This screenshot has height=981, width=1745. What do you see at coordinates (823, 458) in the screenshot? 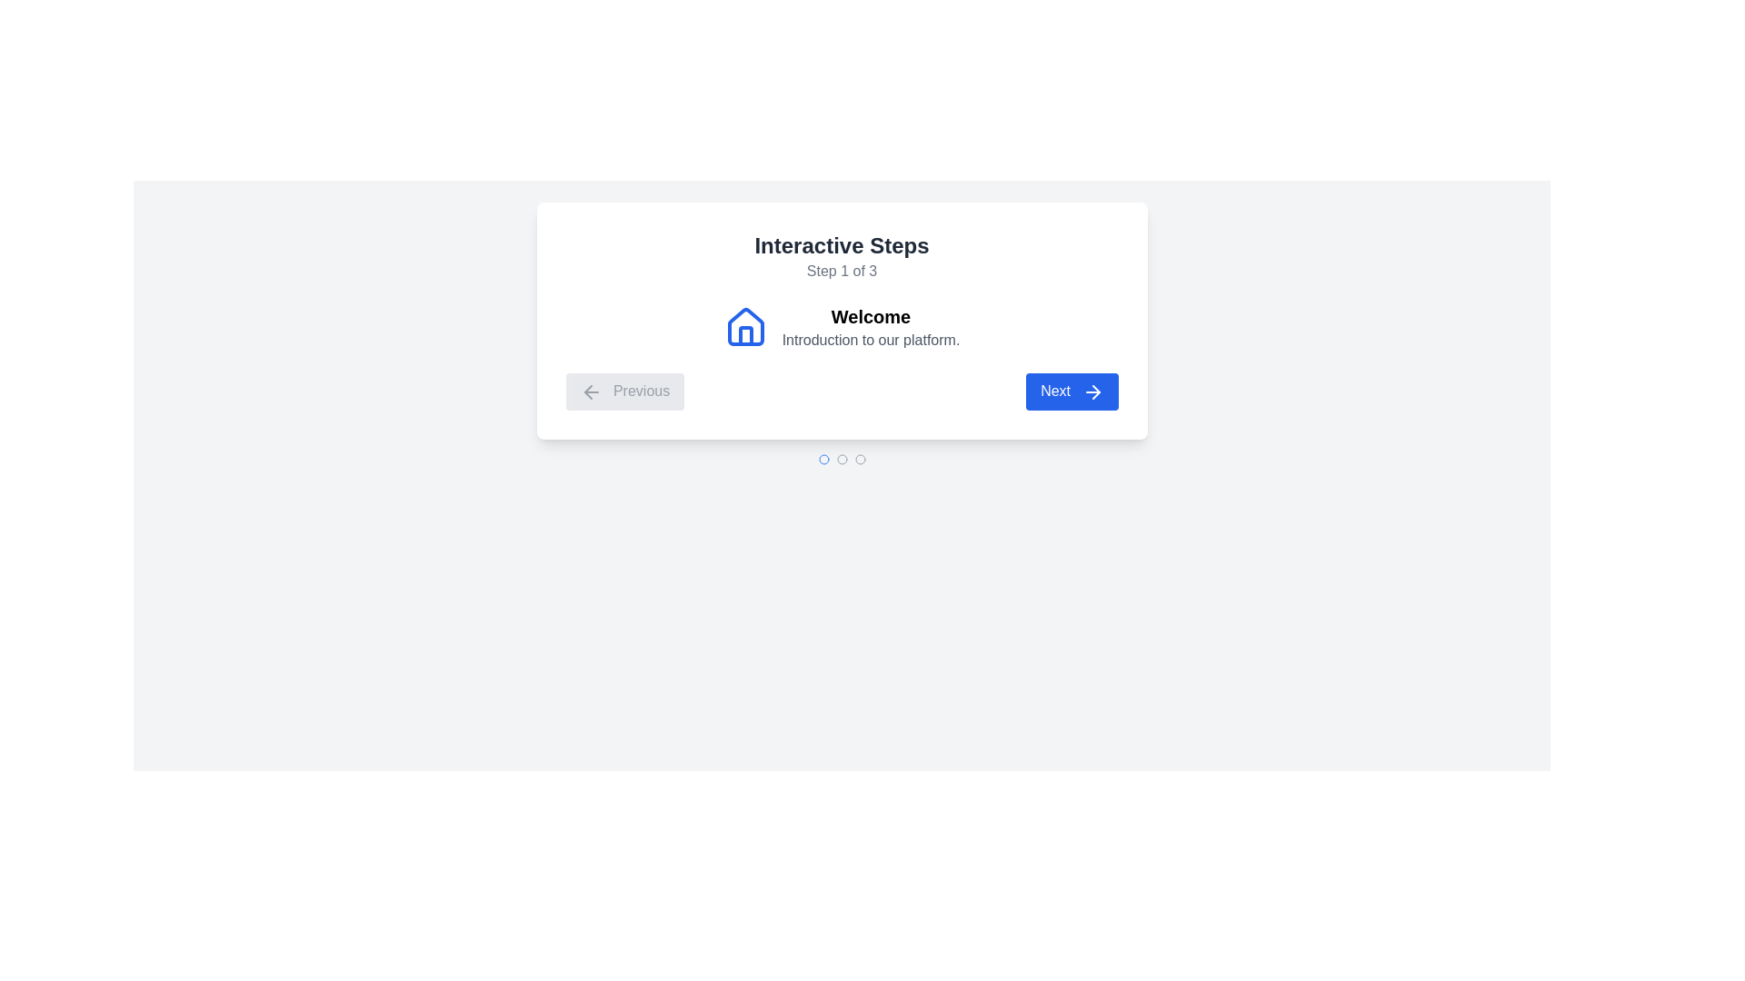
I see `the second circle in the progress indicator sequence` at bounding box center [823, 458].